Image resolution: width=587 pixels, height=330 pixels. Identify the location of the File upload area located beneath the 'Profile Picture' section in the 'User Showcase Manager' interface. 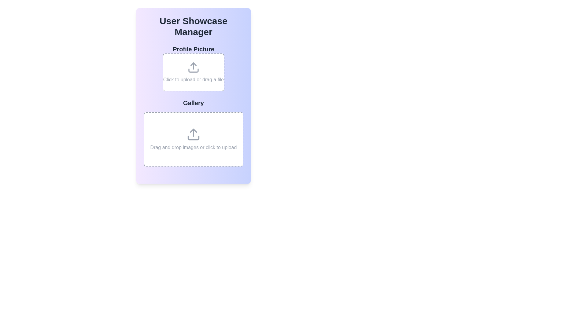
(193, 132).